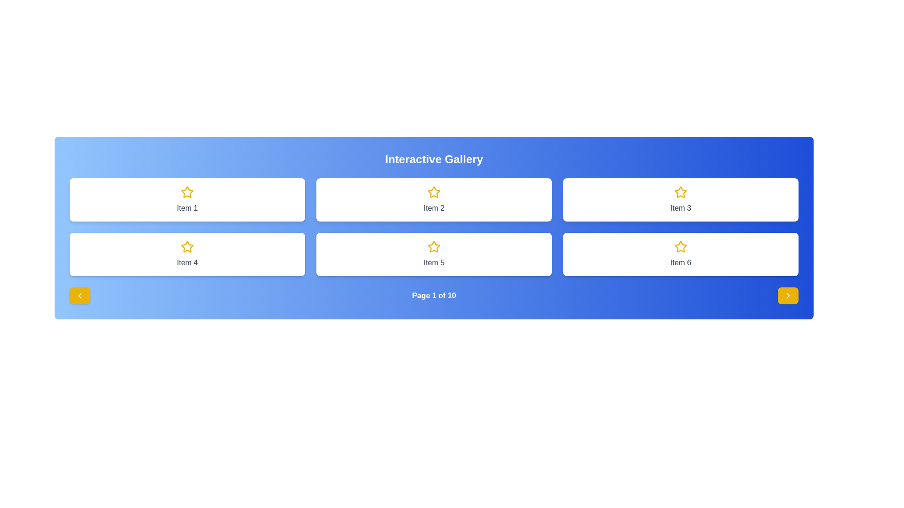 This screenshot has width=904, height=508. What do you see at coordinates (433, 199) in the screenshot?
I see `the grid item representing 'Item 2', which is located in the first row, second column of the grid layout` at bounding box center [433, 199].